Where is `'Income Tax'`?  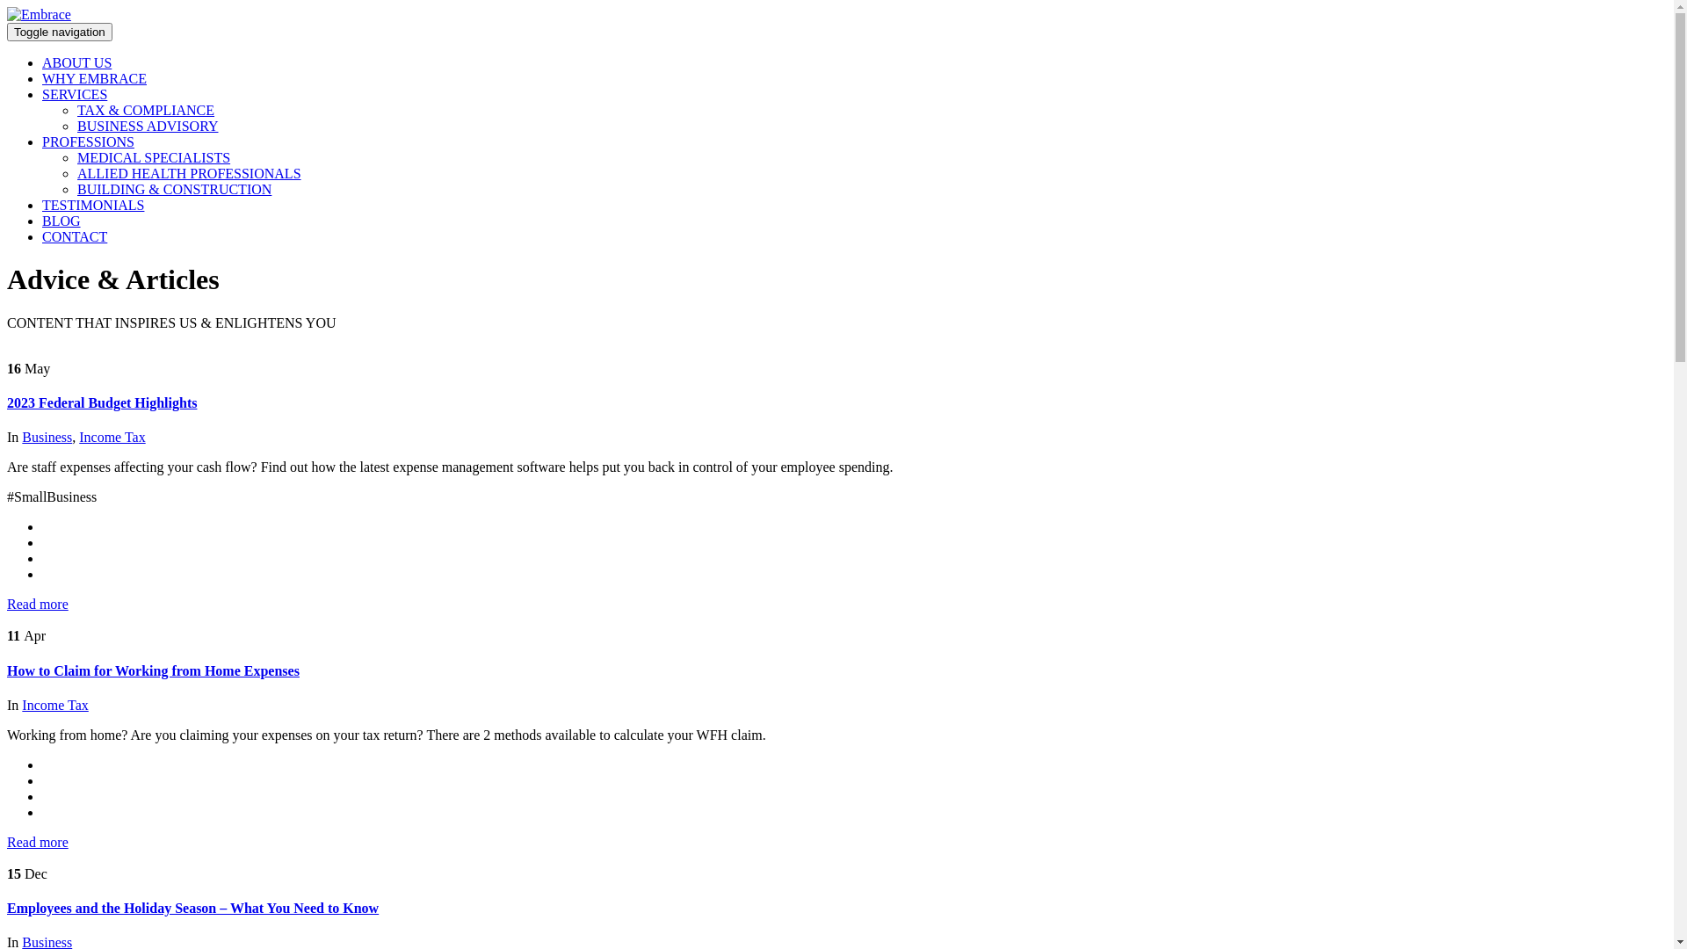
'Income Tax' is located at coordinates (54, 704).